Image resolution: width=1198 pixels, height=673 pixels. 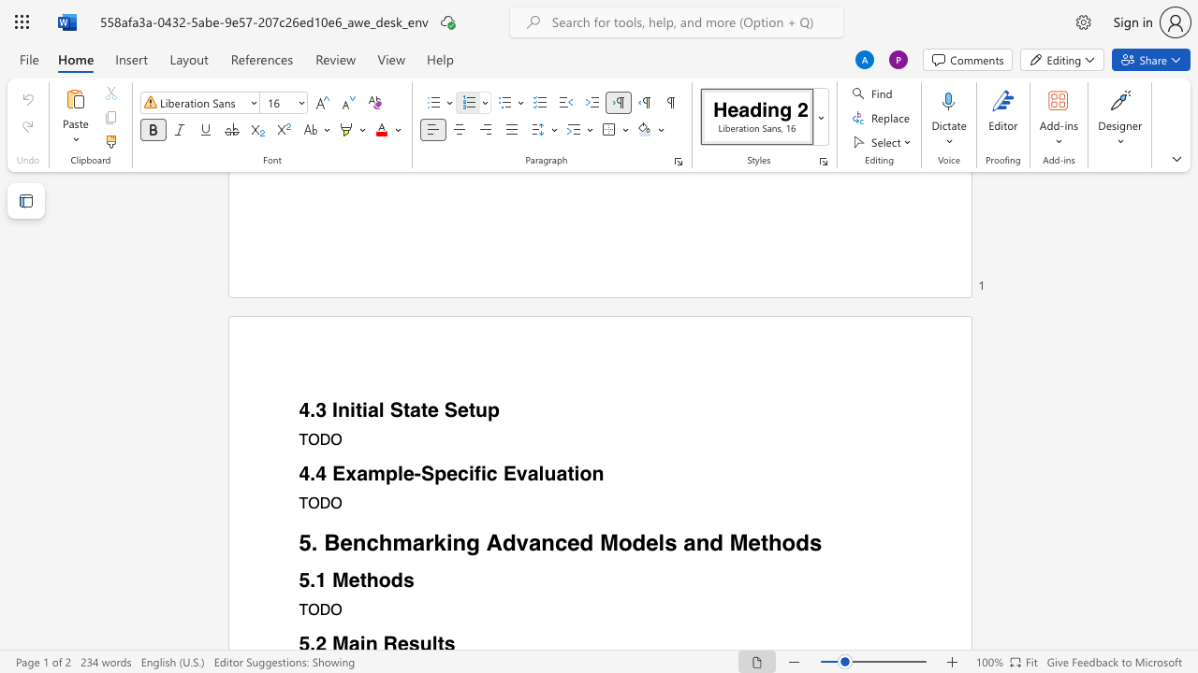 I want to click on the space between the continuous character "i" and "a" in the text, so click(x=369, y=409).